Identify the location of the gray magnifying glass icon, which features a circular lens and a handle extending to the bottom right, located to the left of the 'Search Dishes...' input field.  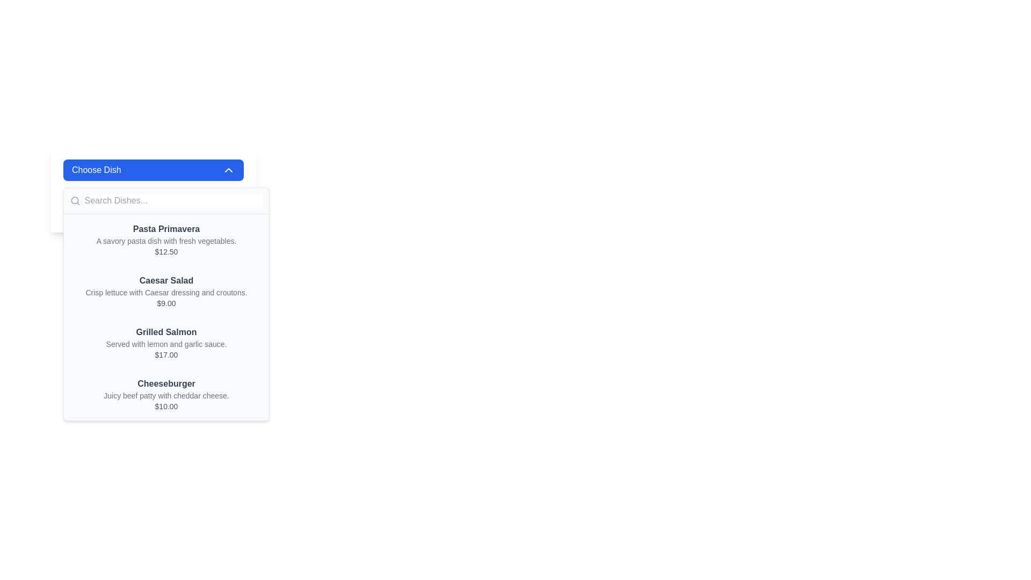
(75, 201).